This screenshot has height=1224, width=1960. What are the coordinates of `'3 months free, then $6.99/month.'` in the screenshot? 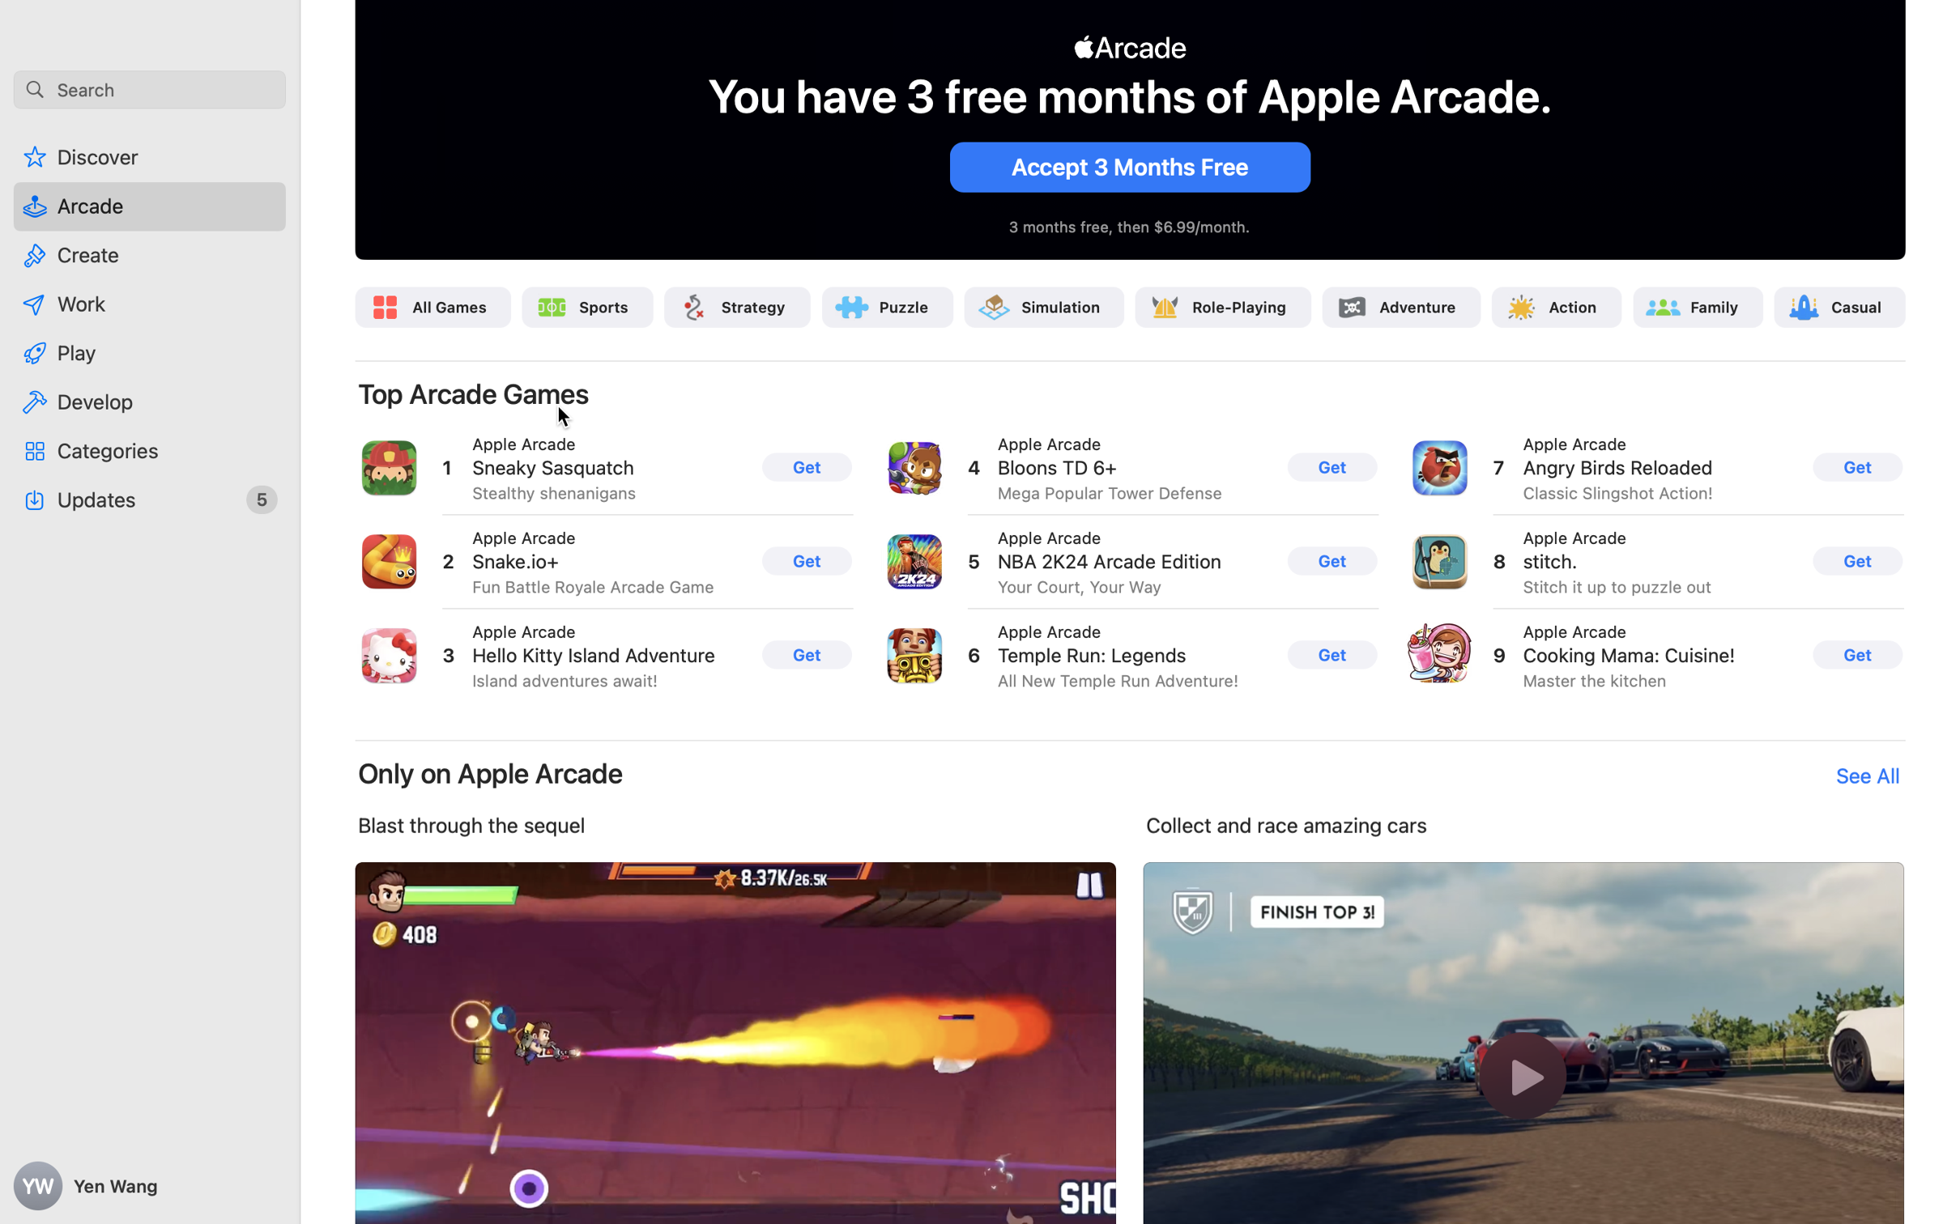 It's located at (1130, 227).